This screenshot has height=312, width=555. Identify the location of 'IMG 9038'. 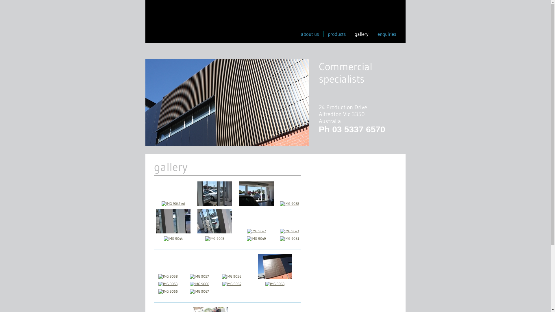
(290, 203).